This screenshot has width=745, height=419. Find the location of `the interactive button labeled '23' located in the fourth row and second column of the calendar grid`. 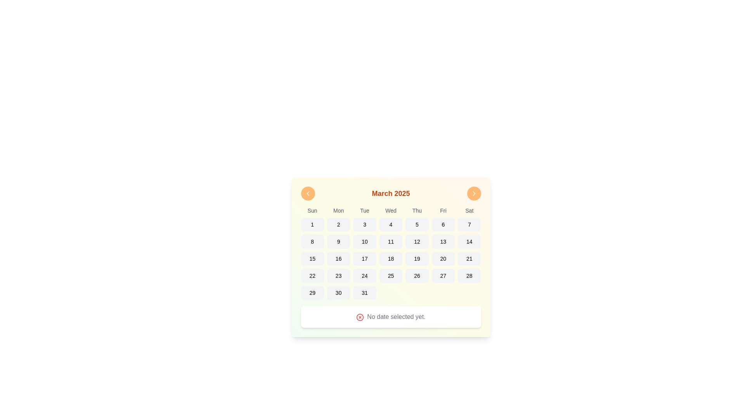

the interactive button labeled '23' located in the fourth row and second column of the calendar grid is located at coordinates (338, 275).